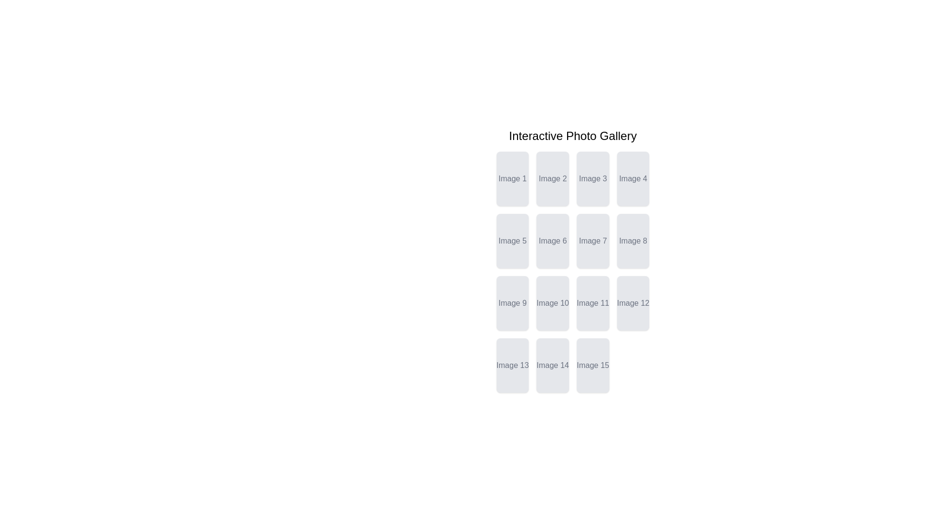  Describe the element at coordinates (509, 367) in the screenshot. I see `the heart icon to like or favorite the item, which is the leftmost component of the button labeled '0' located below 'Image 13'` at that location.